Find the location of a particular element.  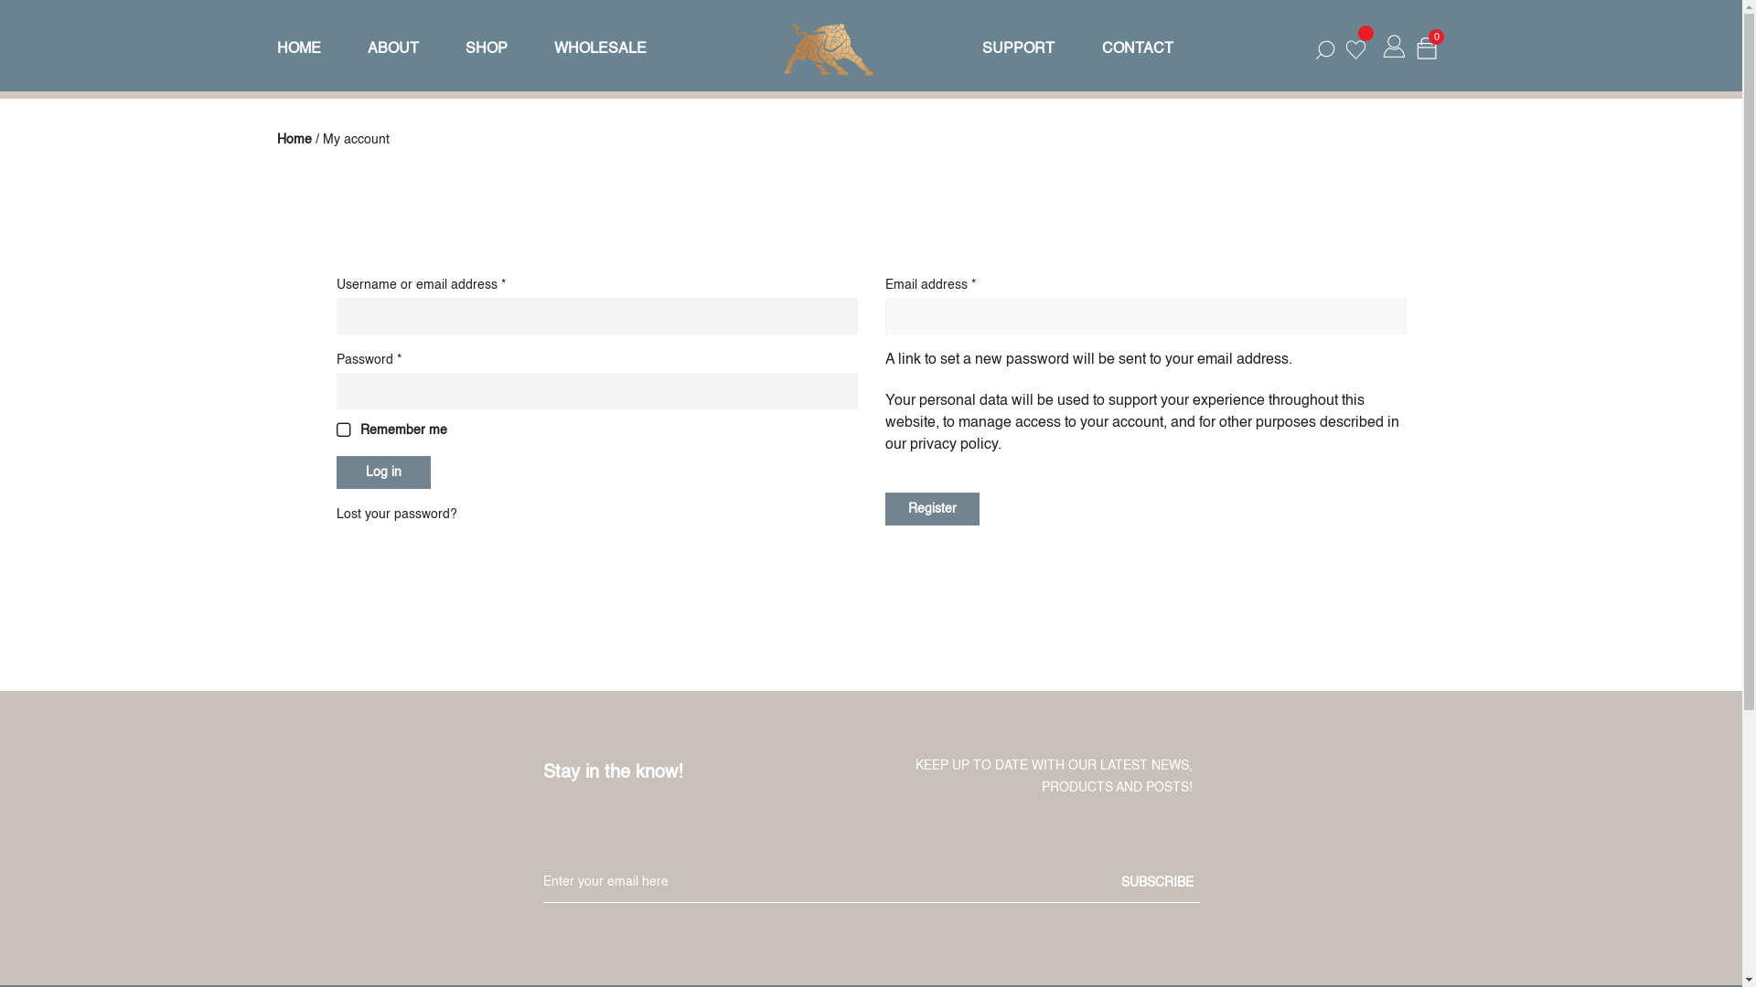

'Register' is located at coordinates (932, 508).